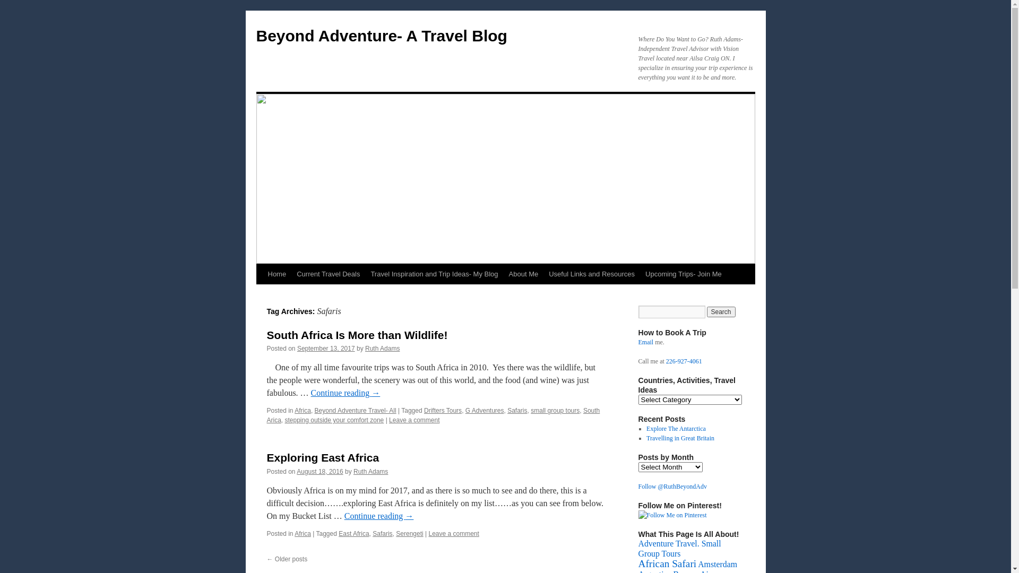  I want to click on 'Upcoming Trips- Join Me', so click(683, 273).